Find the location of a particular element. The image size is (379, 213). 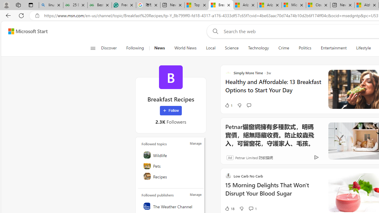

'Crime' is located at coordinates (283, 48).